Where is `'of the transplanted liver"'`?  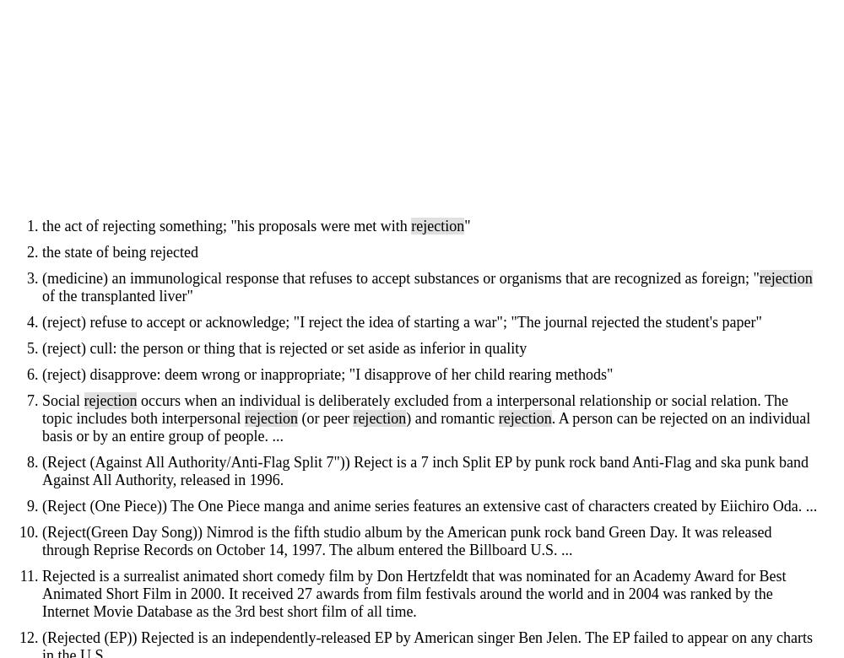
'of the transplanted liver"' is located at coordinates (117, 295).